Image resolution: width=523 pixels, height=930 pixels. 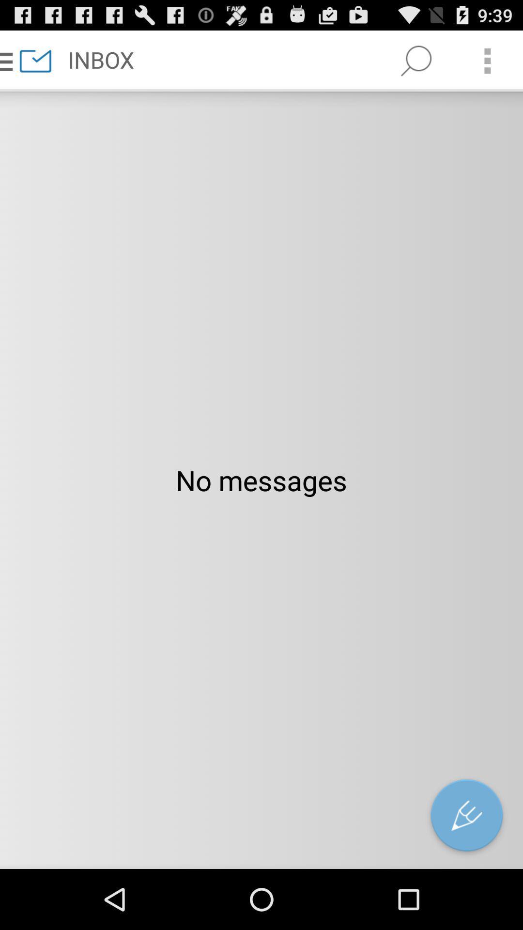 What do you see at coordinates (466, 875) in the screenshot?
I see `the edit icon` at bounding box center [466, 875].